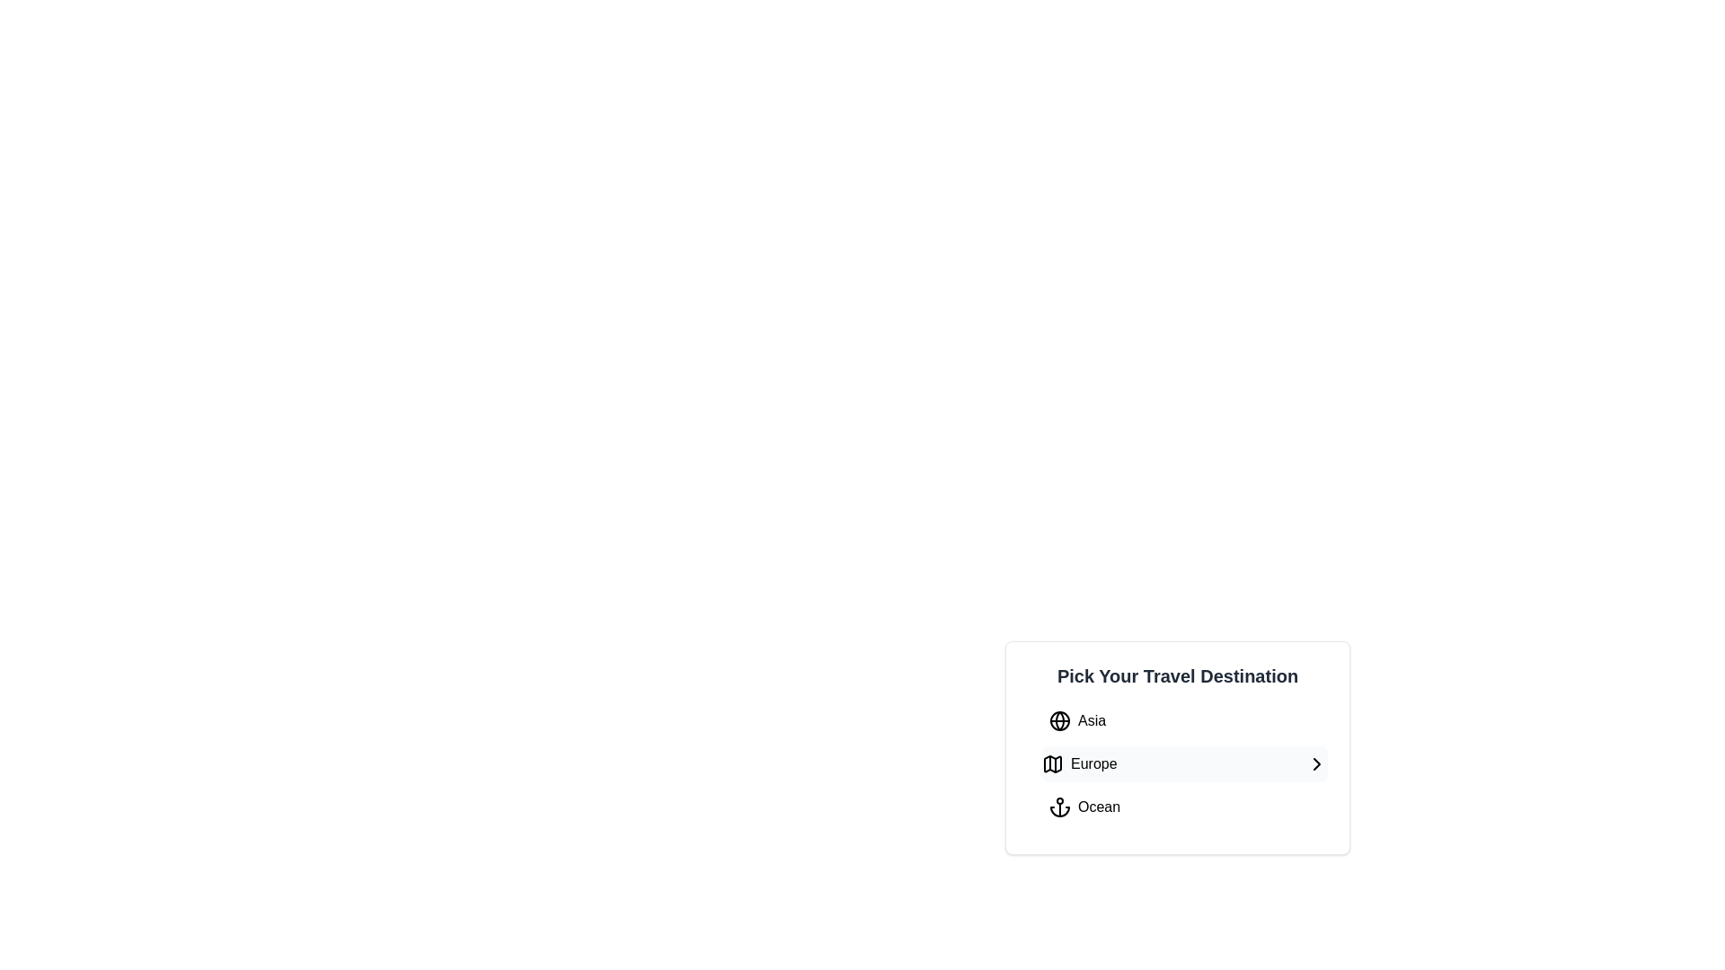  I want to click on the 'Europe' button in the vertical list under 'Pick Your Travel Destination', so click(1185, 764).